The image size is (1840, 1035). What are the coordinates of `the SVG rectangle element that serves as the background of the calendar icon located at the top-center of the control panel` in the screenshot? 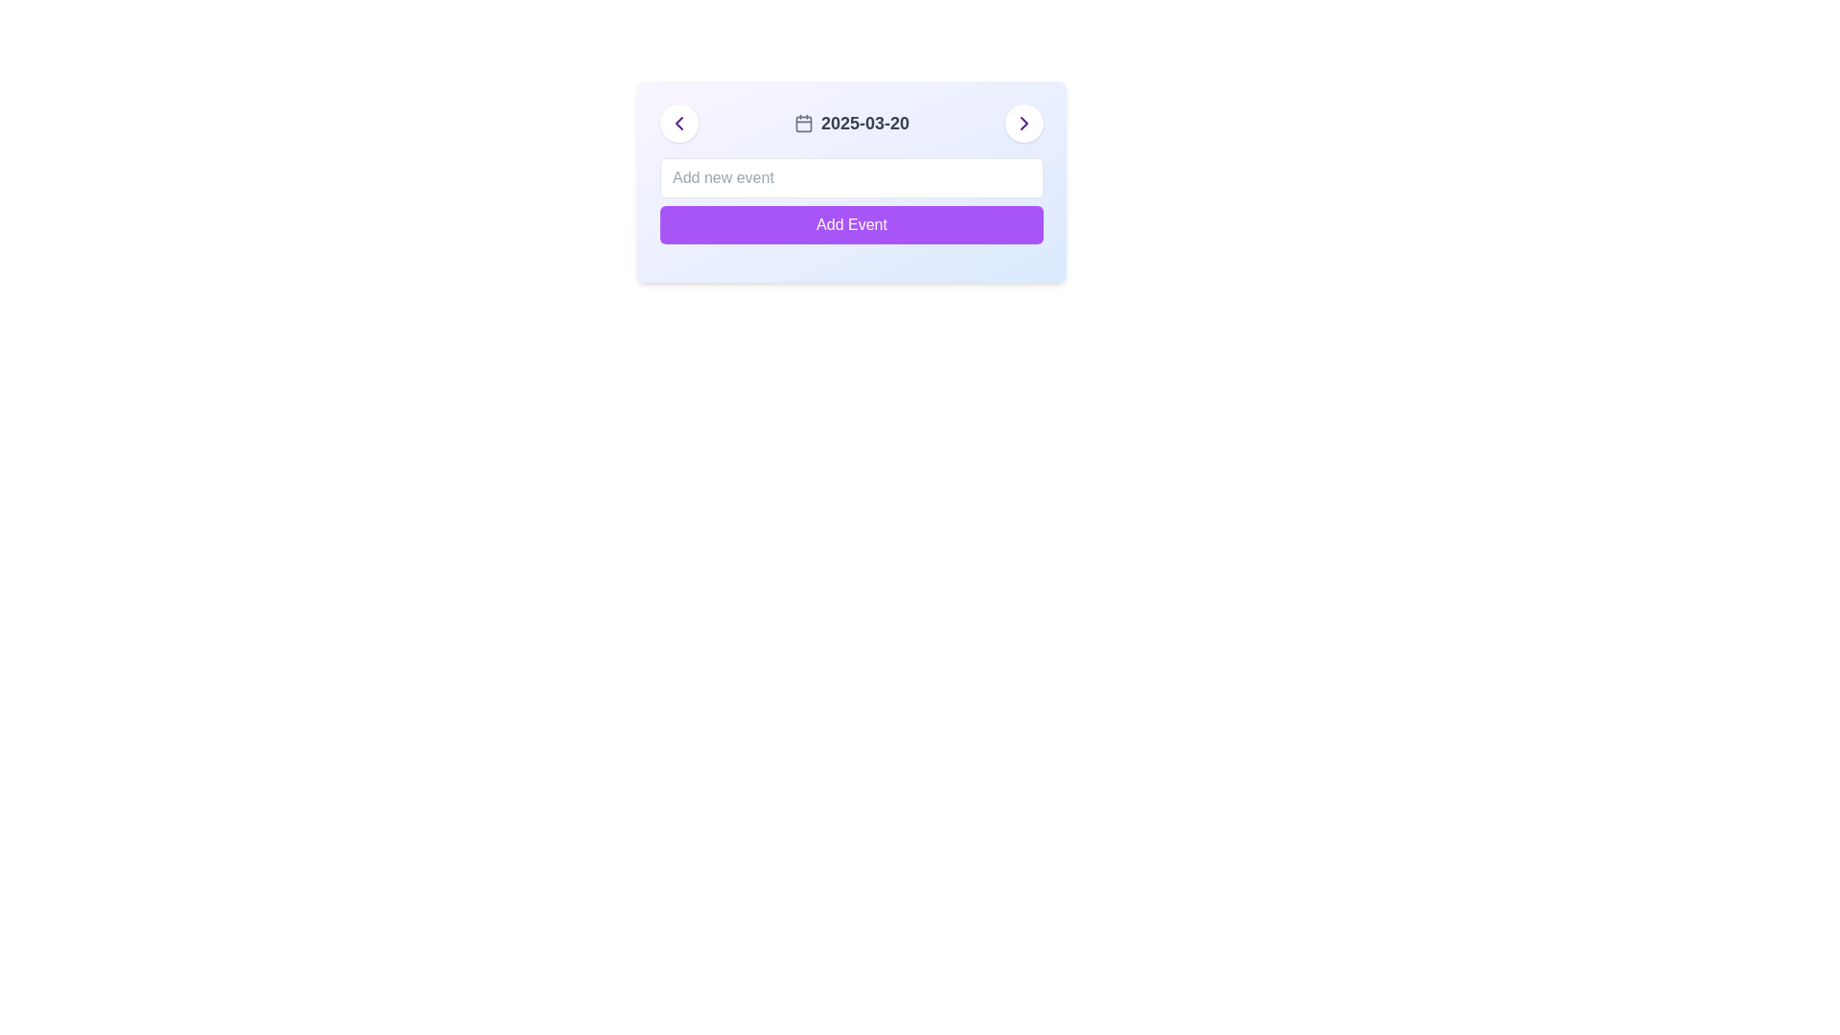 It's located at (804, 124).